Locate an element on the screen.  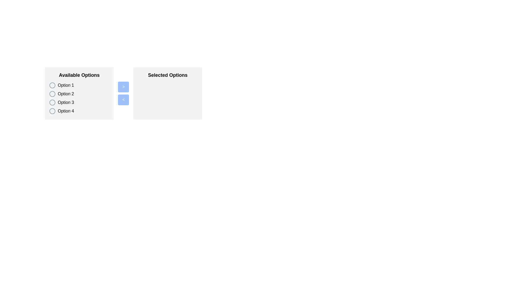
text label 'Available Options' which is styled in bold and located at the top of a section with a light gray background is located at coordinates (79, 75).